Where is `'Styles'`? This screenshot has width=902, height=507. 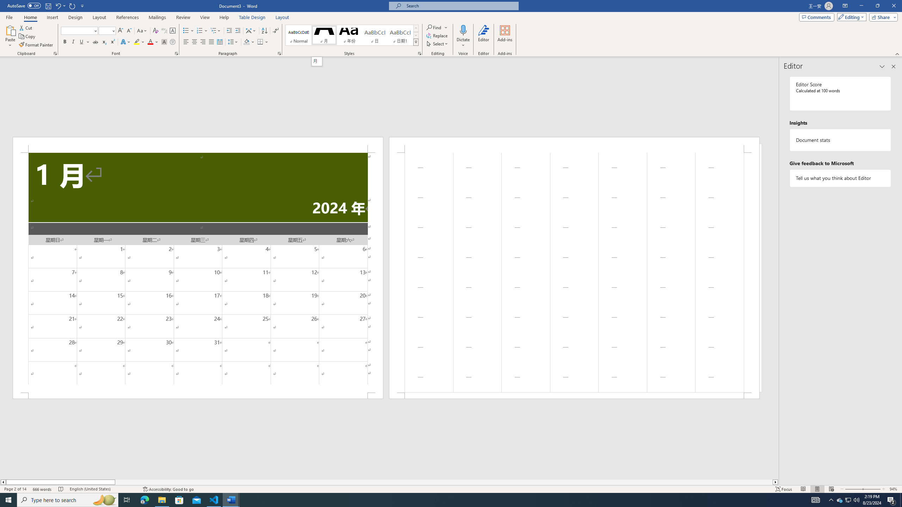 'Styles' is located at coordinates (415, 42).